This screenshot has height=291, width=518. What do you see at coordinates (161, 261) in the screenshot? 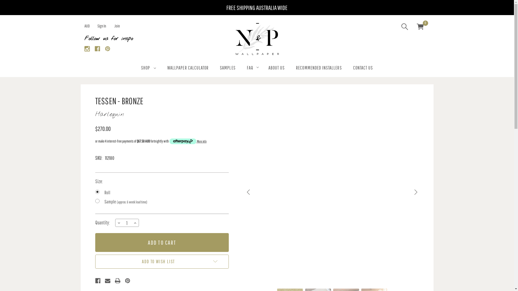
I see `'ADD TO WISH LIST'` at bounding box center [161, 261].